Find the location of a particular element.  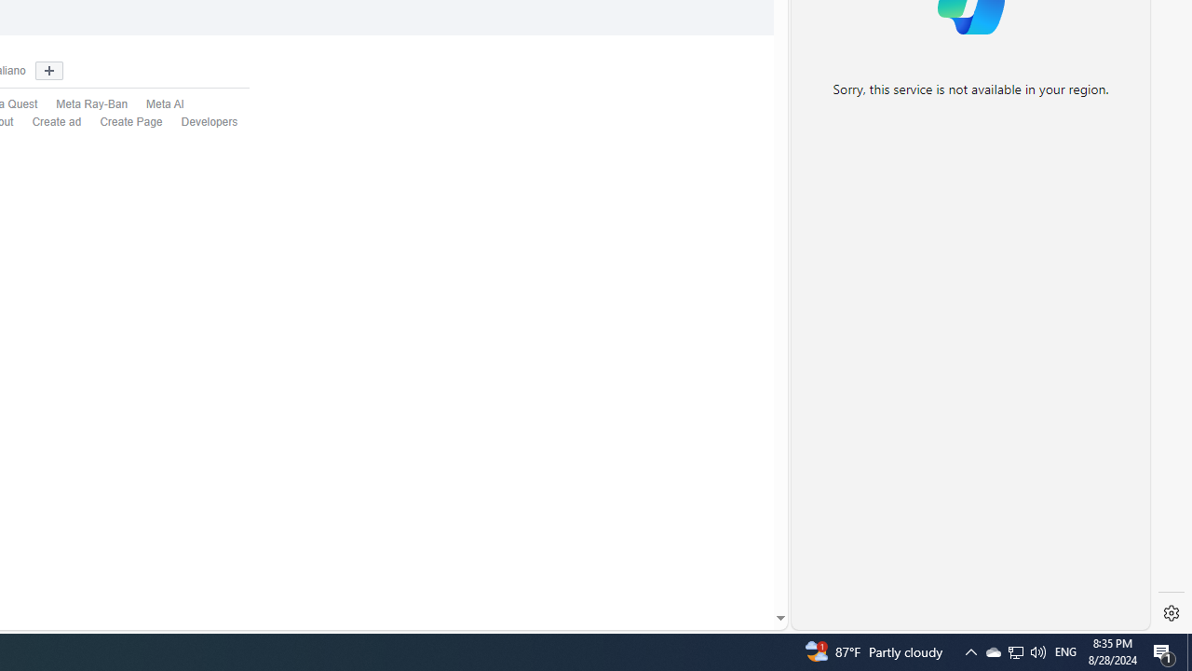

'Create Page' is located at coordinates (130, 122).